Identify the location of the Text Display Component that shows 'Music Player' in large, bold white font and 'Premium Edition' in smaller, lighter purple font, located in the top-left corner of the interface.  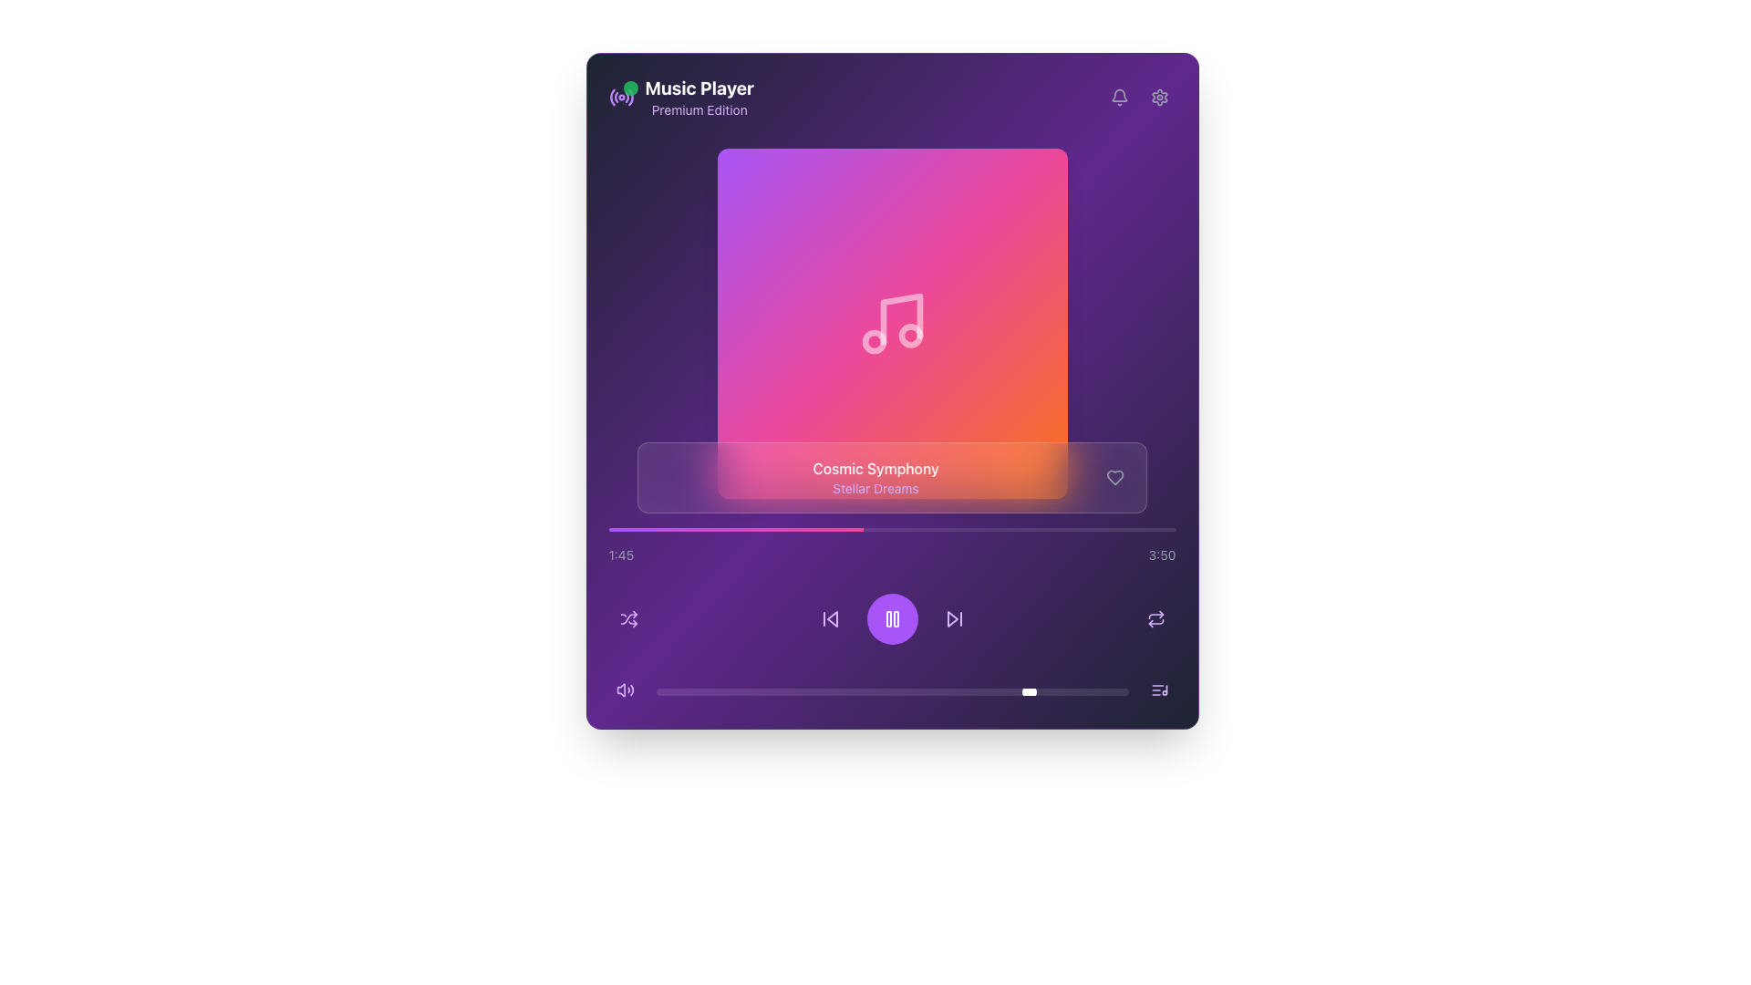
(699, 98).